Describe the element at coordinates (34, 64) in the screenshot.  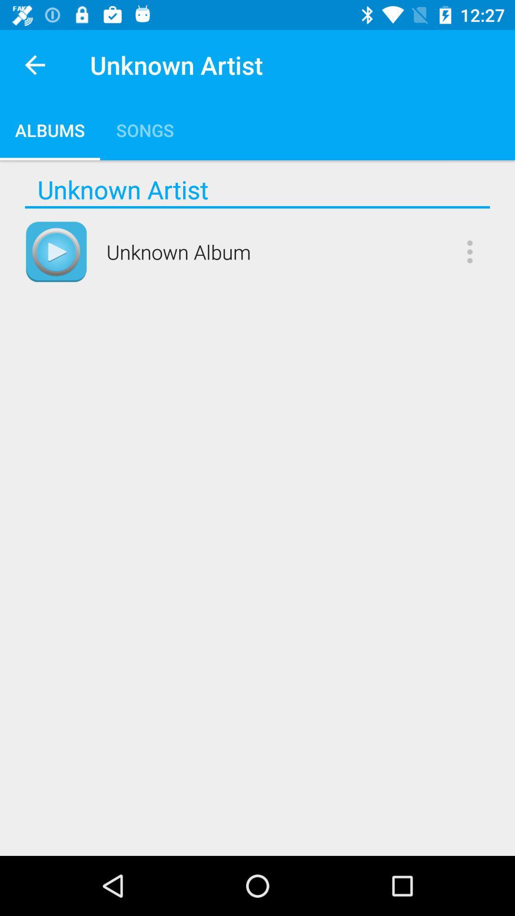
I see `app to the left of the unknown artist item` at that location.